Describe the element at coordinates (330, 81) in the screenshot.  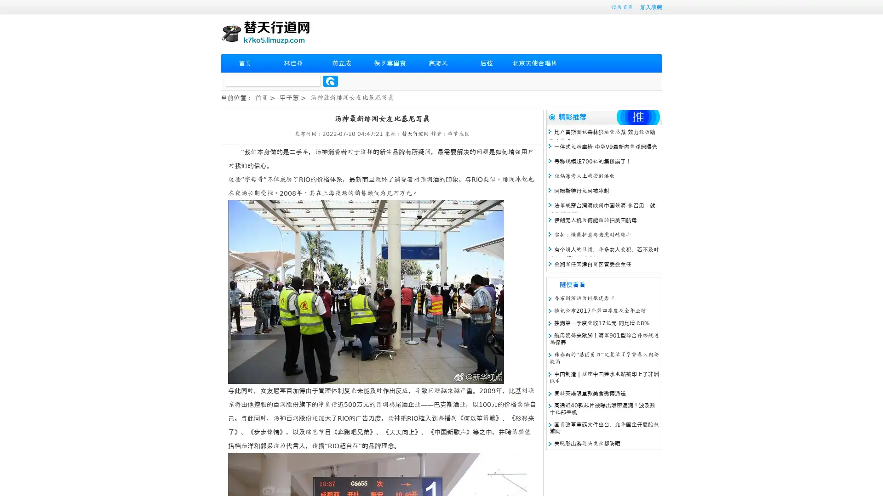
I see `Search` at that location.